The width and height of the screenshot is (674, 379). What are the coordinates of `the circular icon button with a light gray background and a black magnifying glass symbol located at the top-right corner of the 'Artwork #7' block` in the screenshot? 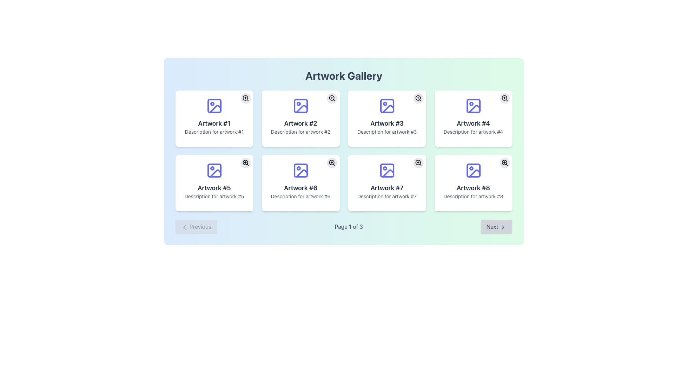 It's located at (418, 162).